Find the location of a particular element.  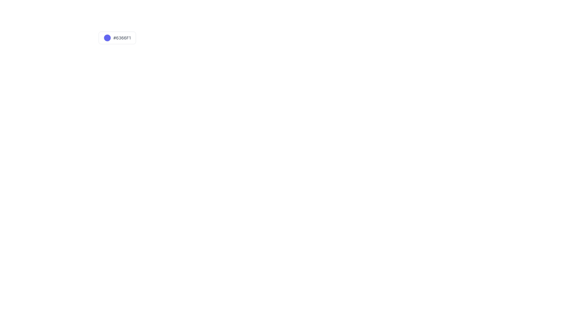

the Color Indicator, a small circular blue area with a gray border located in the upper left quadrant of the interface is located at coordinates (107, 38).